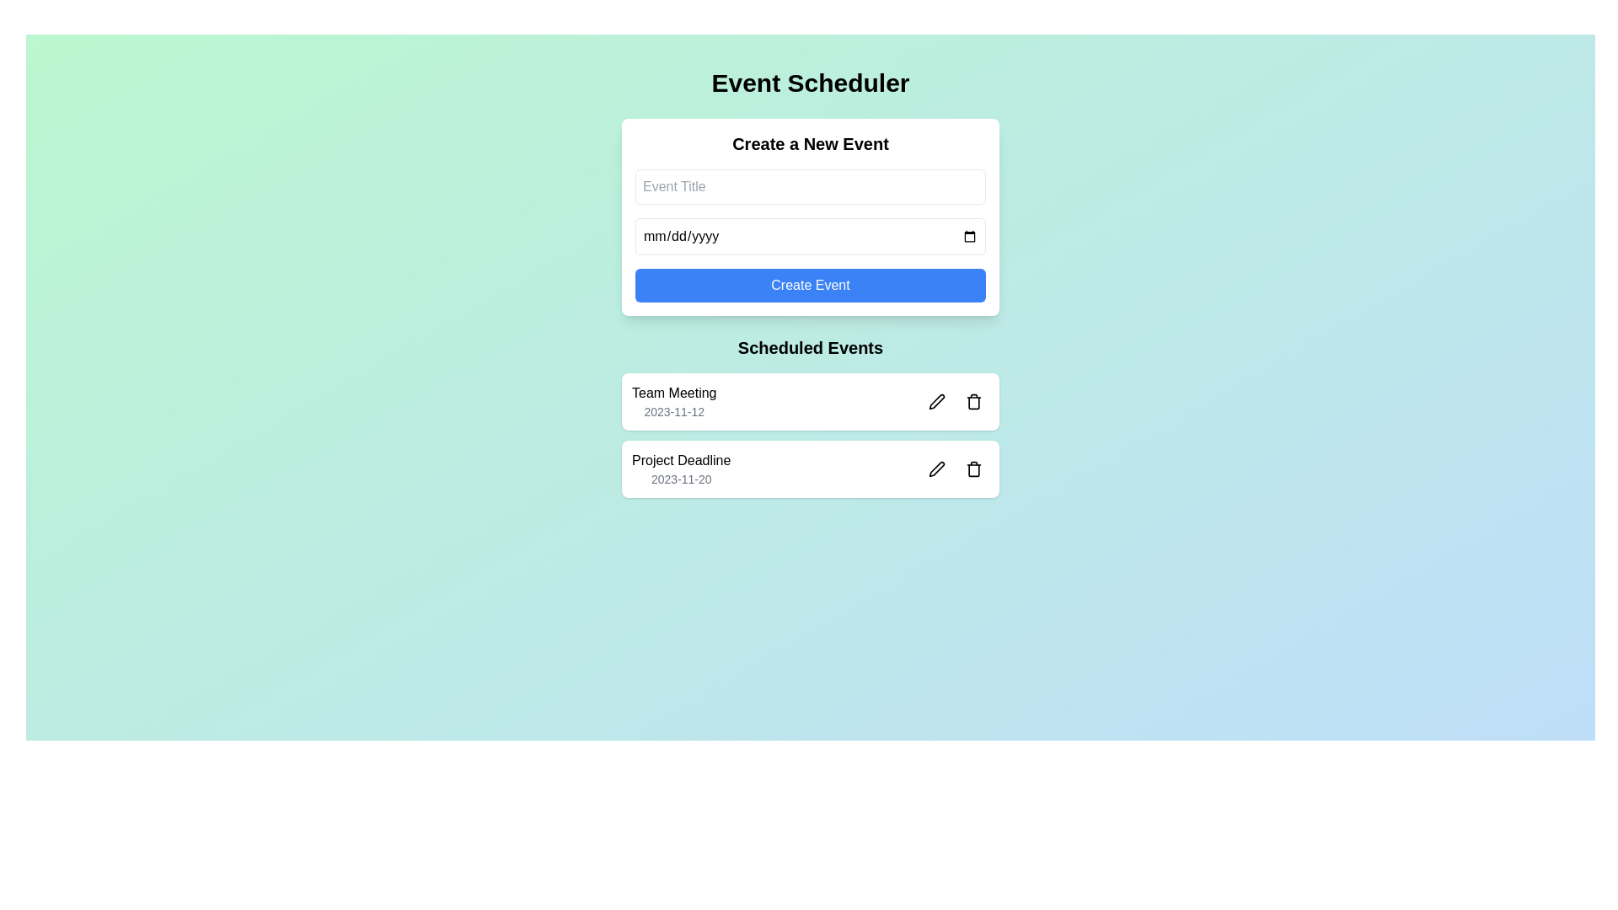 This screenshot has width=1618, height=910. What do you see at coordinates (810, 217) in the screenshot?
I see `the date input field in the event creation form, which is located near the top-center of the interface` at bounding box center [810, 217].